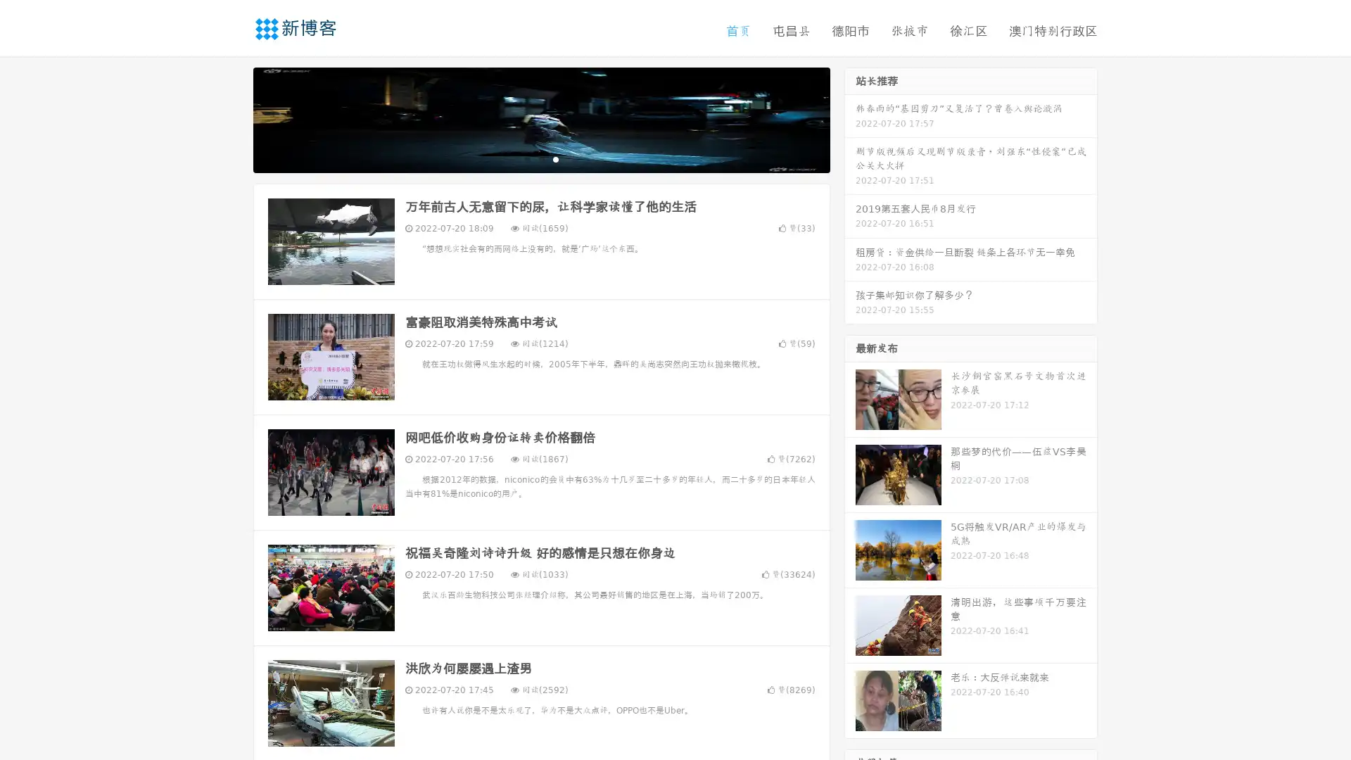 The image size is (1351, 760). Describe the element at coordinates (850, 118) in the screenshot. I see `Next slide` at that location.